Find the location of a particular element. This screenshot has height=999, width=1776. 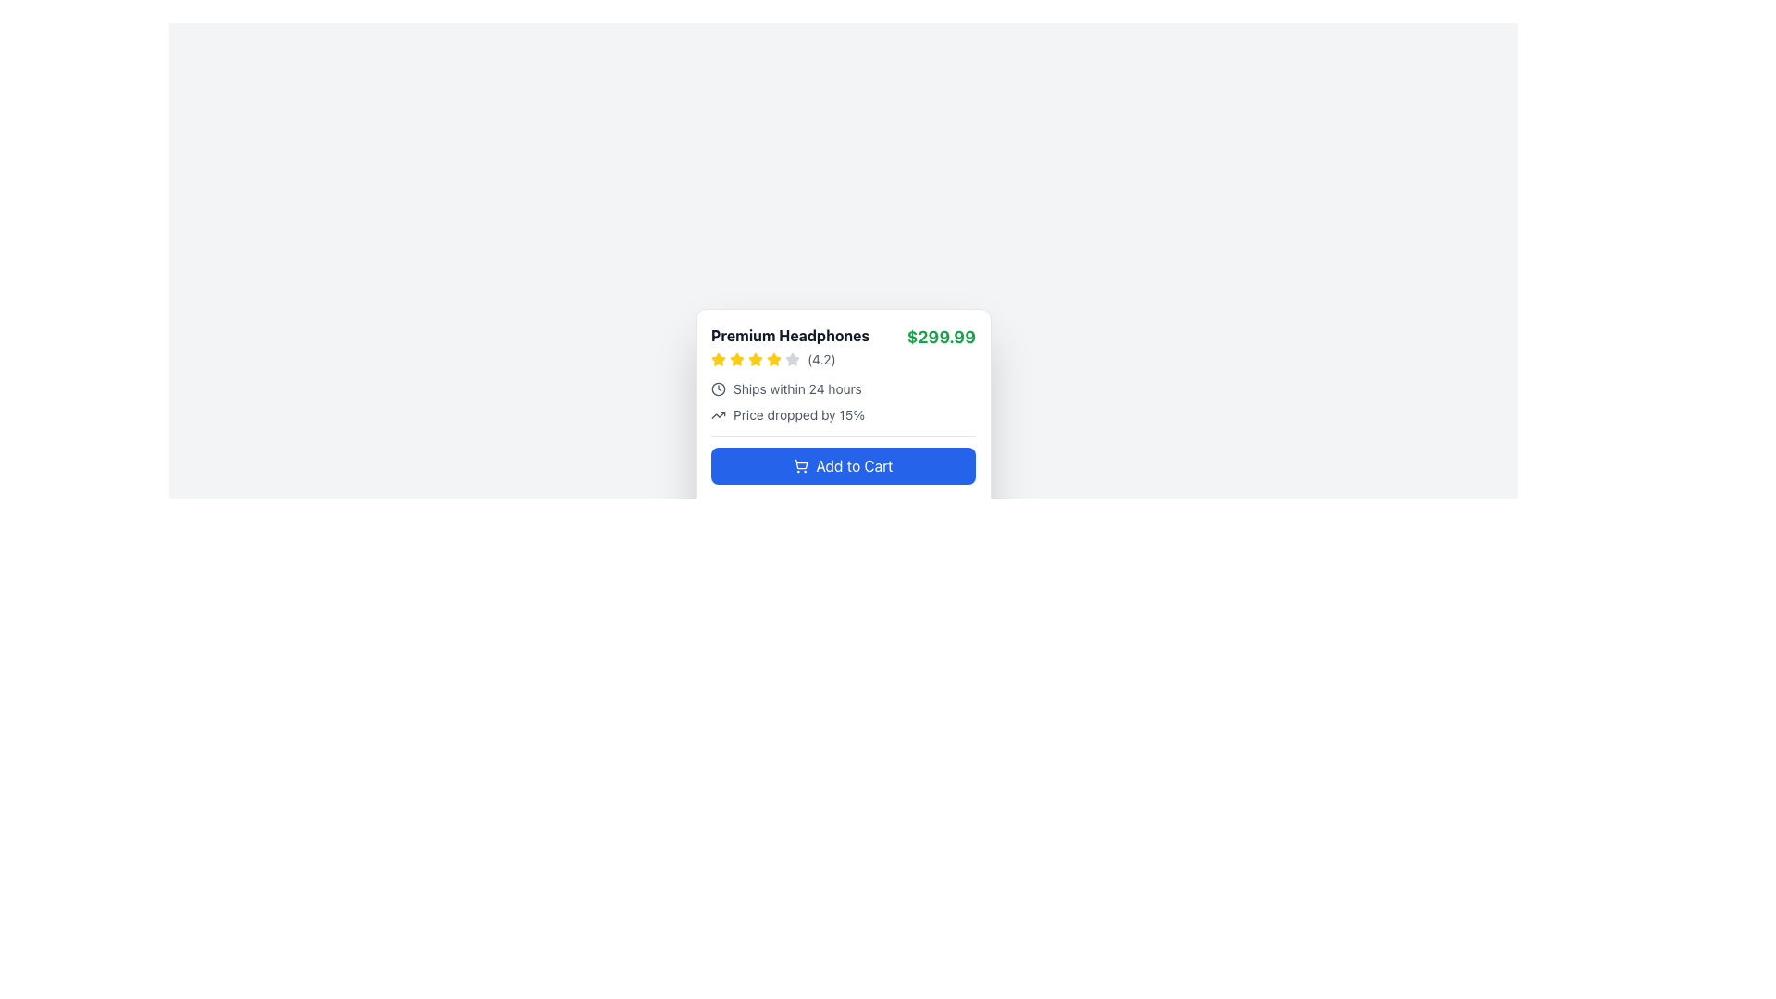

the stars in the product card for 'Premium Headphones' is located at coordinates (843, 425).